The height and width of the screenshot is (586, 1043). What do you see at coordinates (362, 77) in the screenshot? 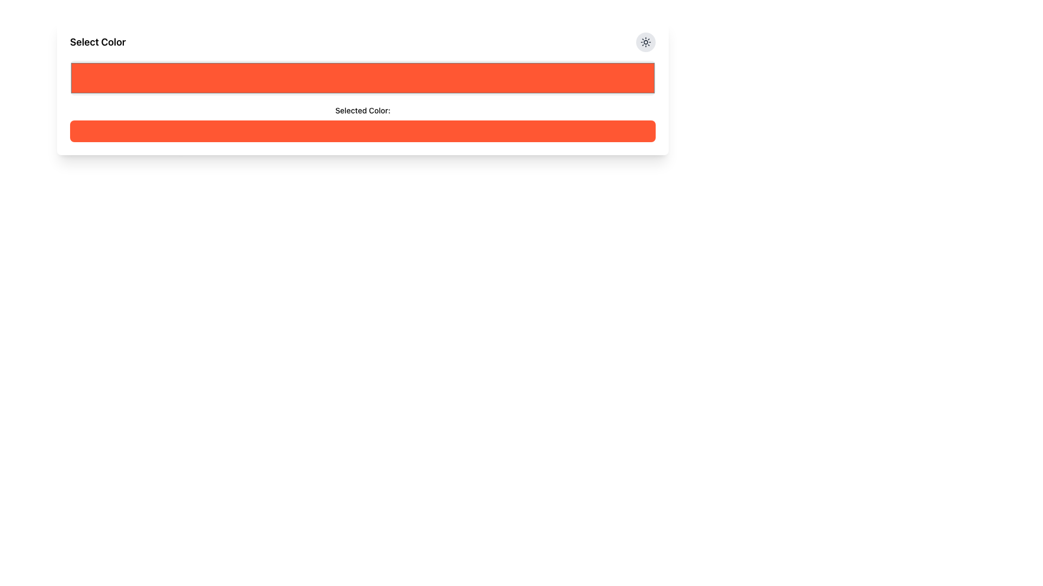
I see `the Color Input element, which is a rectangular box with a vibrant orange shade (#FF5733), using keyboard navigation` at bounding box center [362, 77].